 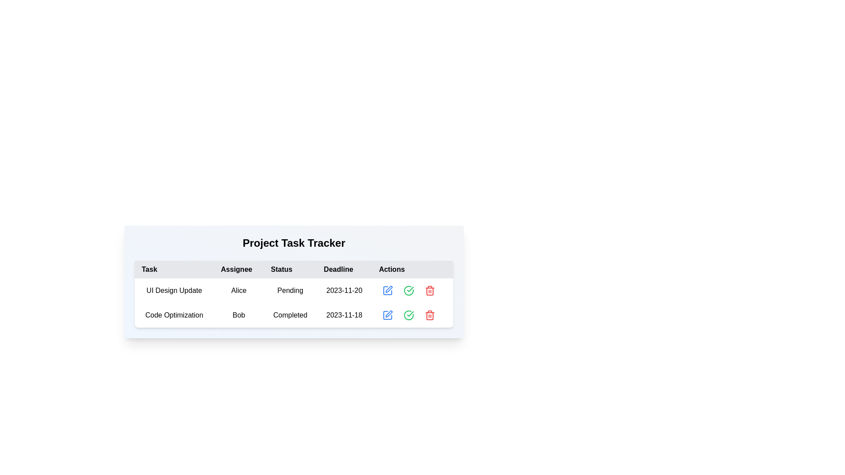 What do you see at coordinates (408, 315) in the screenshot?
I see `the circular icon button with a green checkmark in the 'Actions' column, second row of the table for 'Code Optimization'` at bounding box center [408, 315].